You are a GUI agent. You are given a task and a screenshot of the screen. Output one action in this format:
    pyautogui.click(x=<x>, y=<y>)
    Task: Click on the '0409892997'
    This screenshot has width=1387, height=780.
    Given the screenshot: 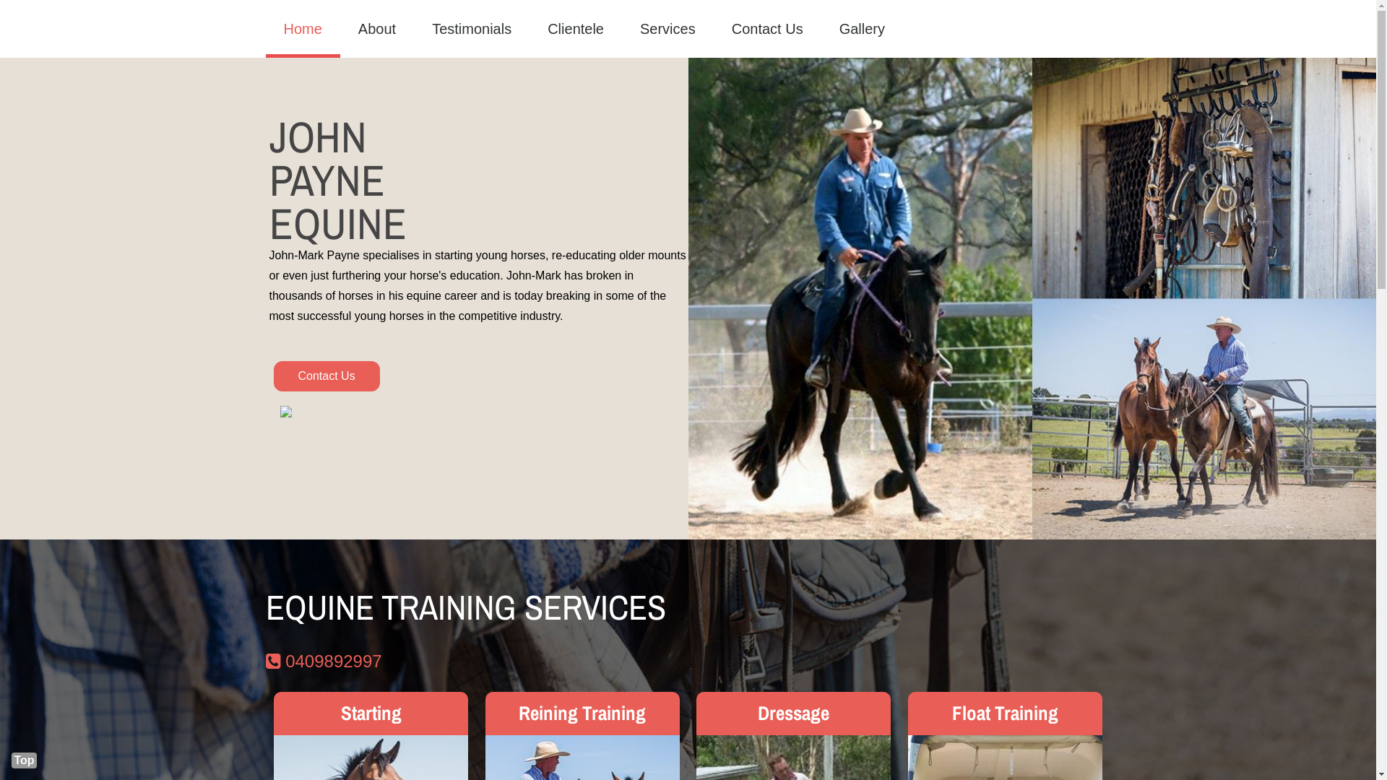 What is the action you would take?
    pyautogui.click(x=323, y=661)
    